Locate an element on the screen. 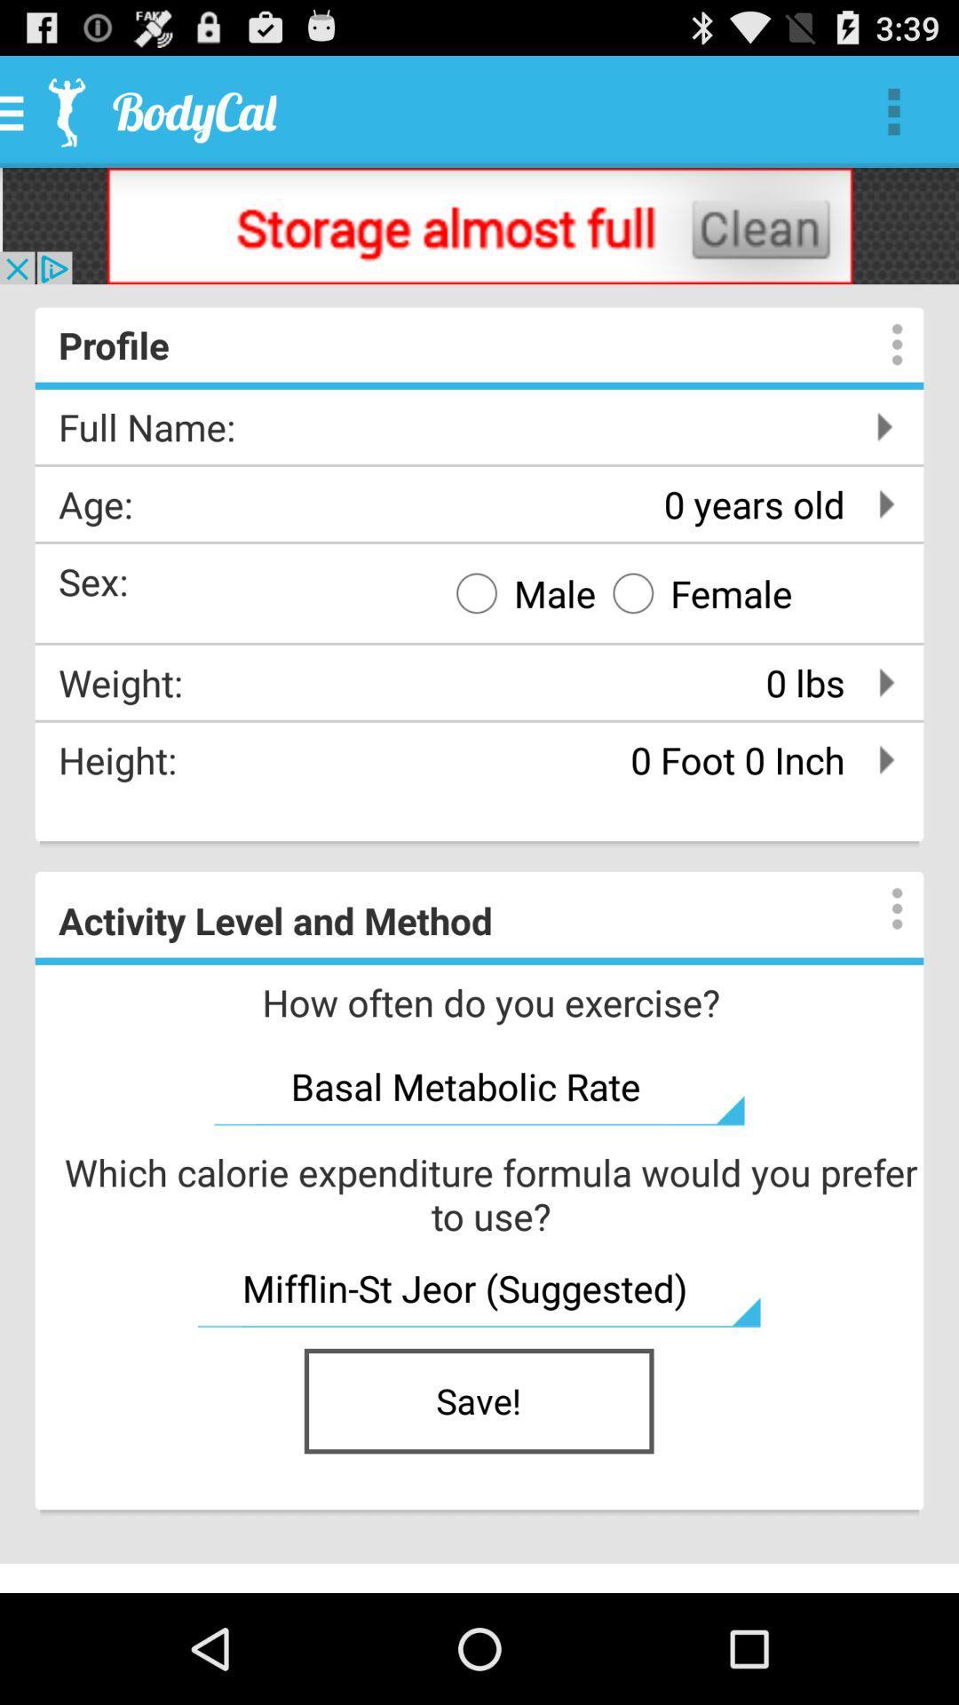 The height and width of the screenshot is (1705, 959). advertisement page is located at coordinates (479, 225).